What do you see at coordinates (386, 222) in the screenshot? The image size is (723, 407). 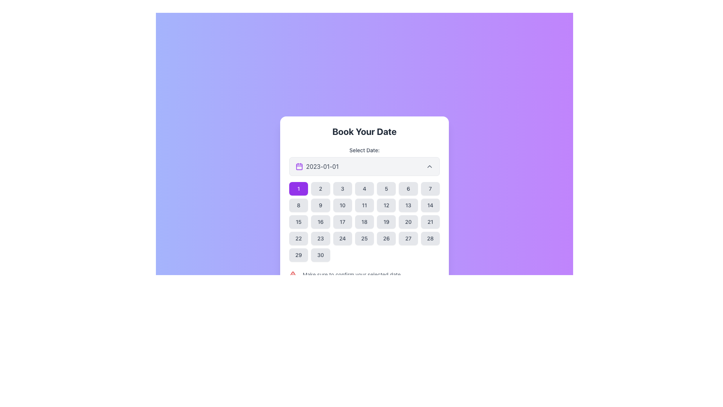 I see `the selectable date option button labeled '19' in the calendar interface` at bounding box center [386, 222].